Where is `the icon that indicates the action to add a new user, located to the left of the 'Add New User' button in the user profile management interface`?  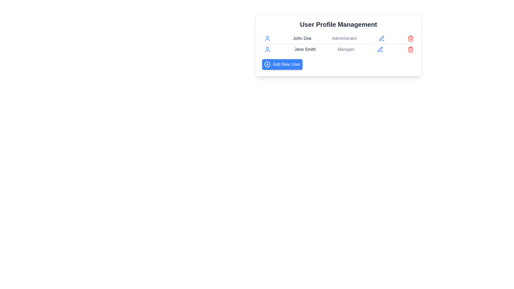
the icon that indicates the action to add a new user, located to the left of the 'Add New User' button in the user profile management interface is located at coordinates (267, 64).